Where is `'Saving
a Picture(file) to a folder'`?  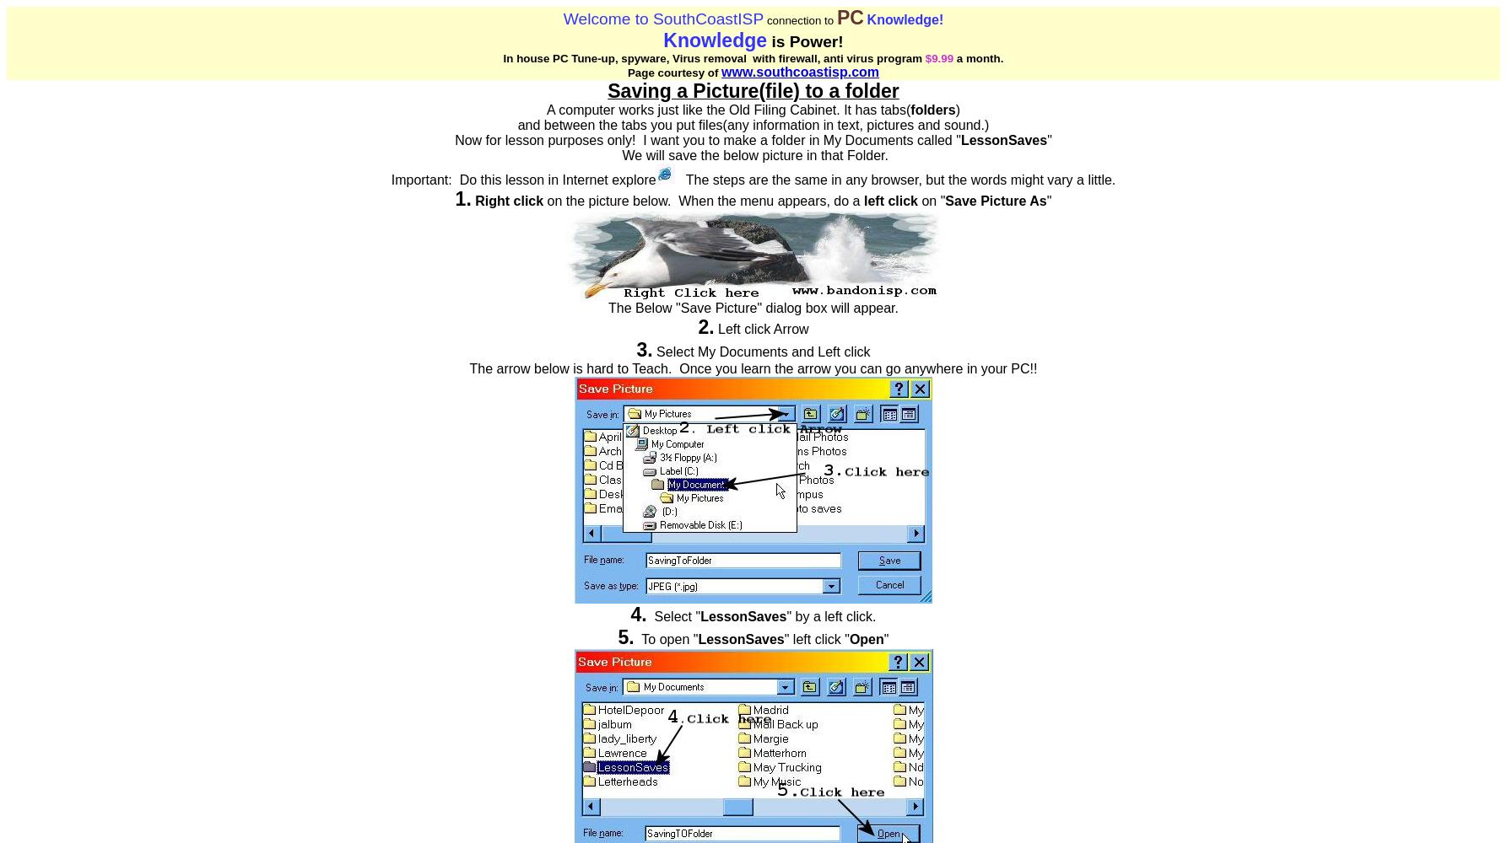 'Saving
a Picture(file) to a folder' is located at coordinates (752, 90).